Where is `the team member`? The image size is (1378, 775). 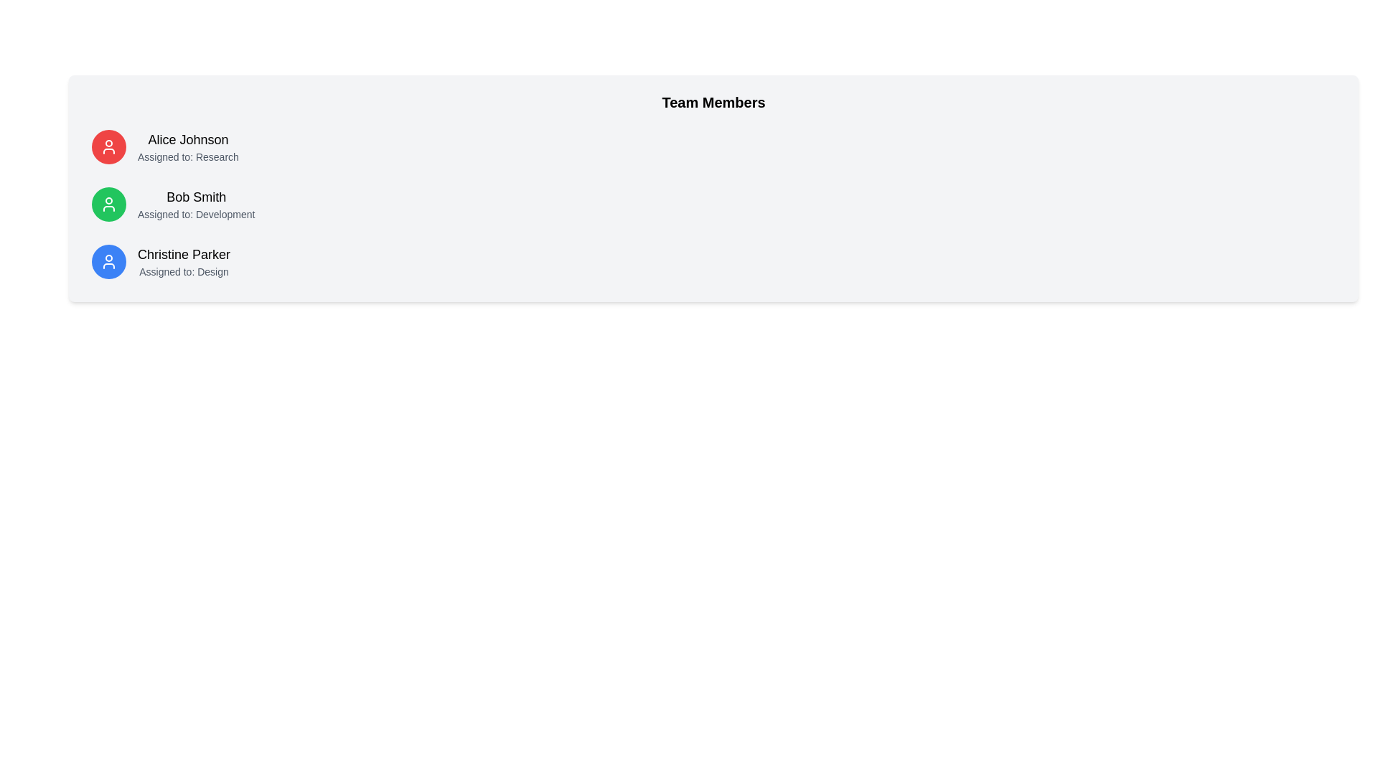 the team member is located at coordinates (195, 205).